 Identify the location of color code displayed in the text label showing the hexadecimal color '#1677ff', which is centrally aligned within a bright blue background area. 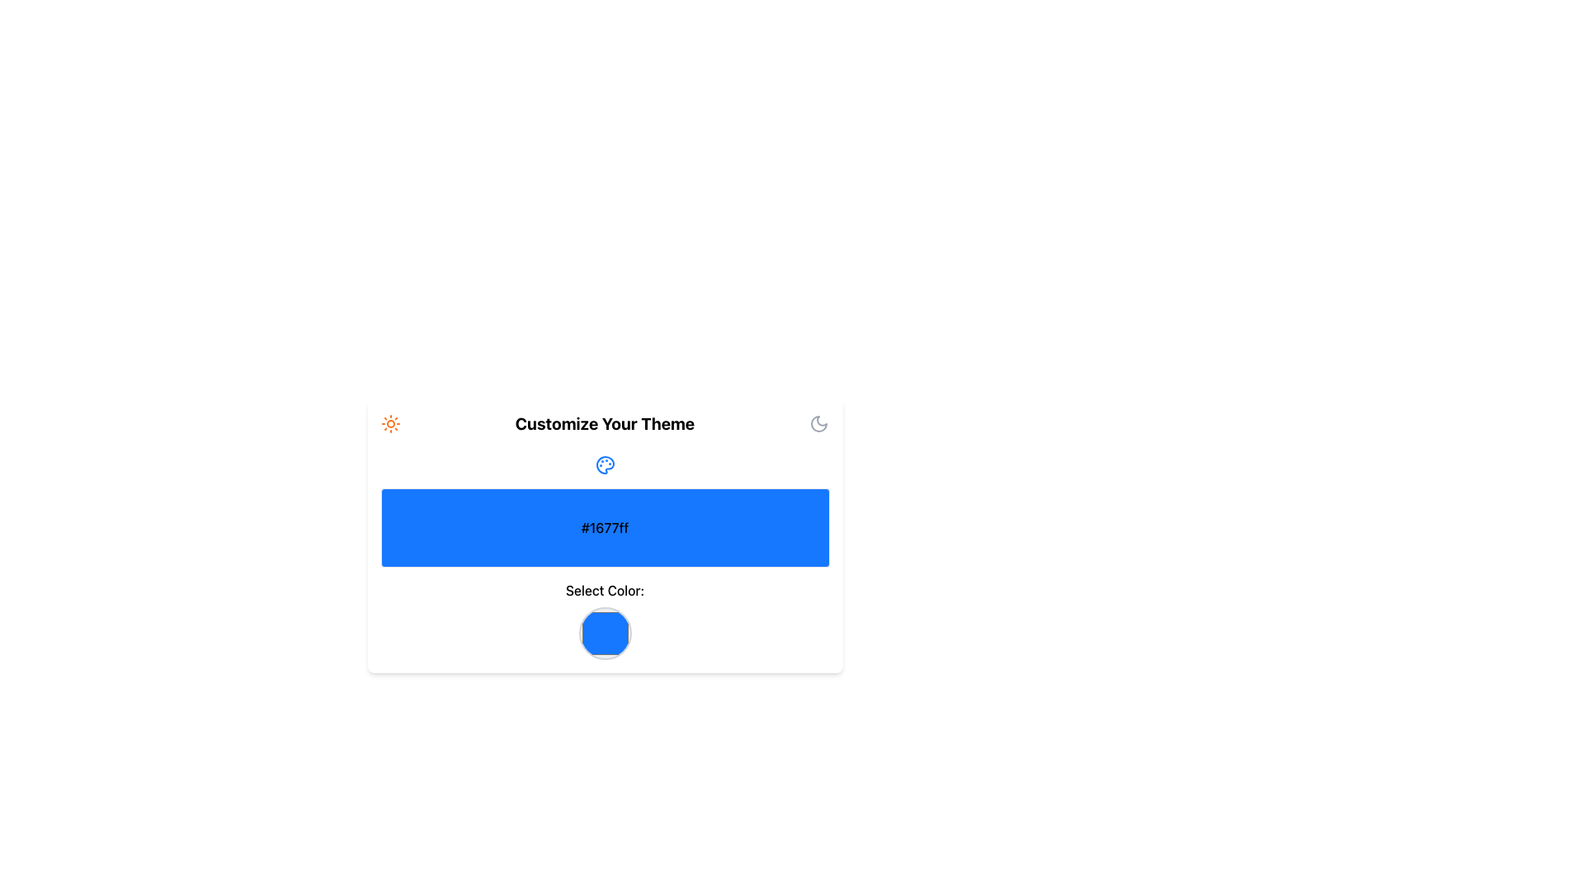
(604, 528).